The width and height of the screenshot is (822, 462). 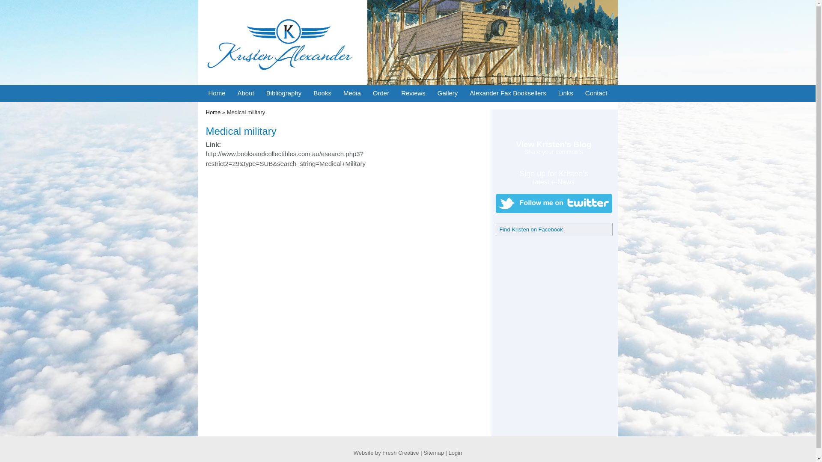 I want to click on 'Contact', so click(x=596, y=93).